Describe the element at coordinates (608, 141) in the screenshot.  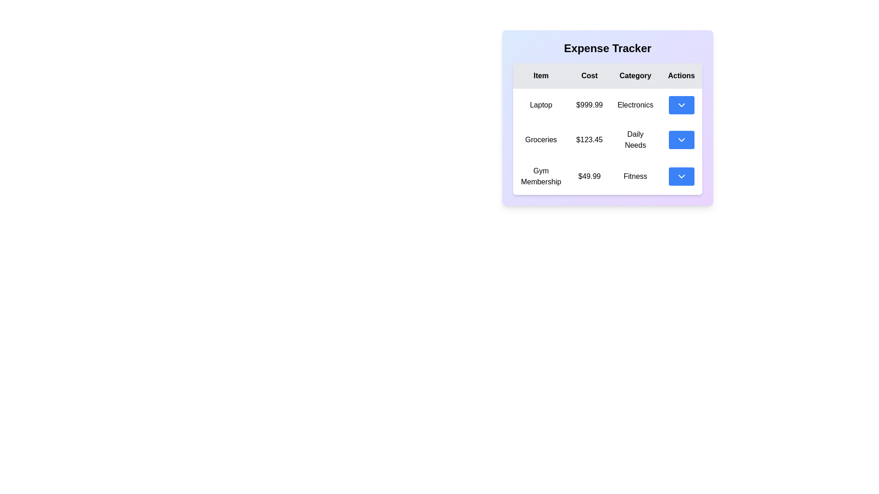
I see `the second row of the tabular data displaying the item 'Groceries', which includes the cost '$123.45' and category 'Daily Needs'` at that location.